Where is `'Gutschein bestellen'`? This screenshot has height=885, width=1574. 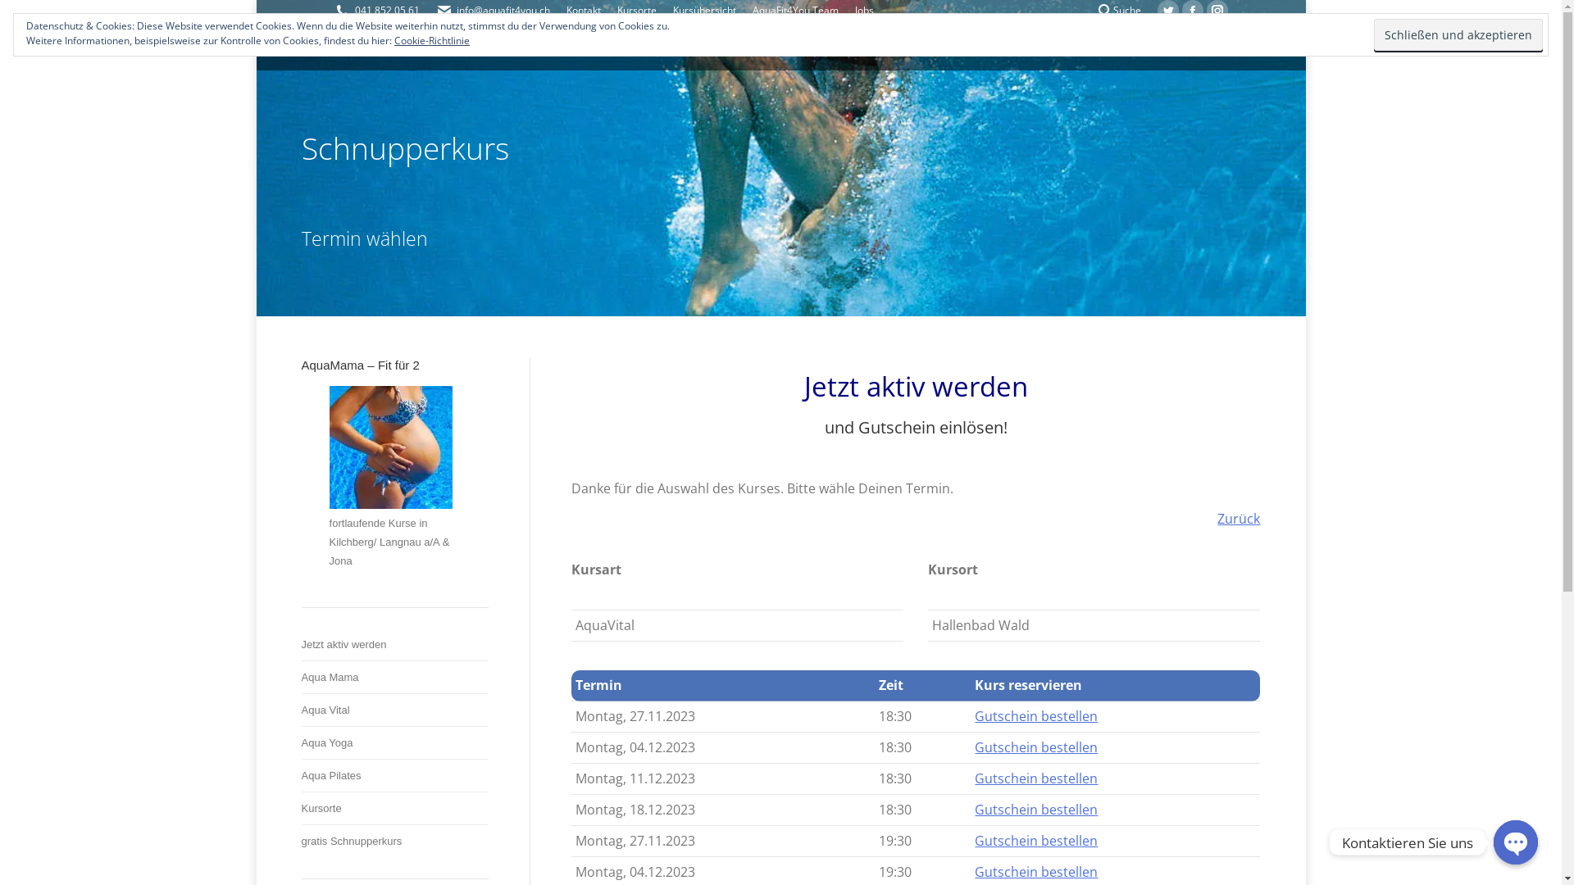 'Gutschein bestellen' is located at coordinates (1035, 777).